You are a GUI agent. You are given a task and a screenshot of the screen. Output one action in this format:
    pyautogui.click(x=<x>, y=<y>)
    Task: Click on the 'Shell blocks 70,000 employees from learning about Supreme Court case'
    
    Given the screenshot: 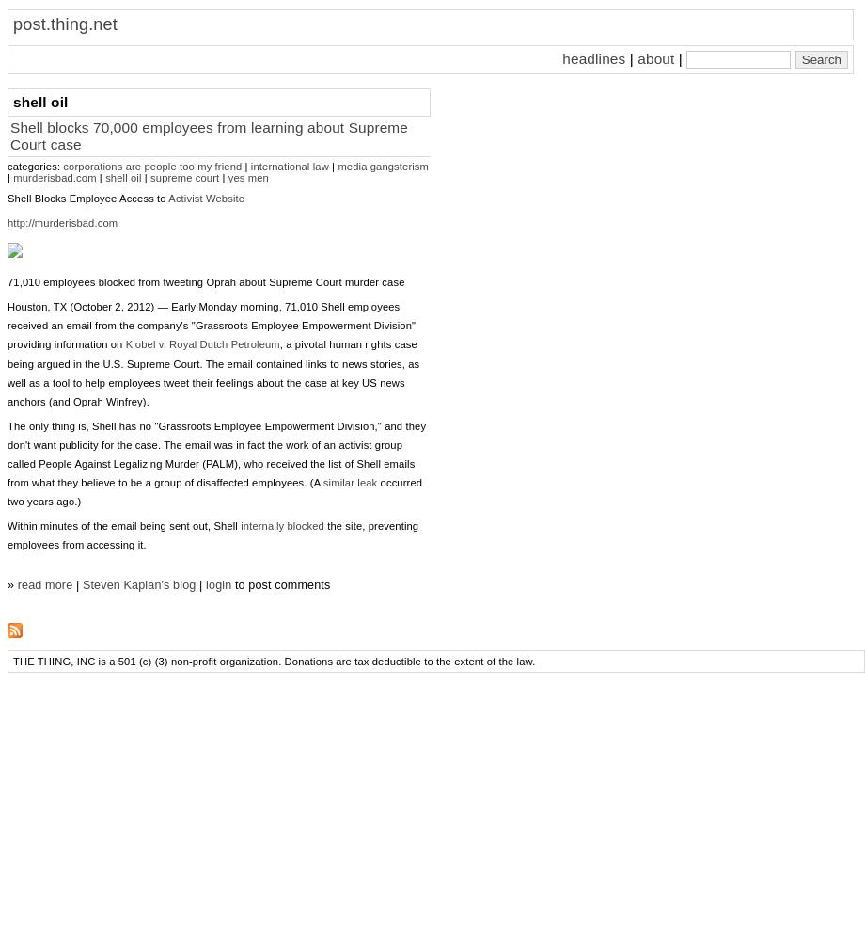 What is the action you would take?
    pyautogui.click(x=207, y=136)
    